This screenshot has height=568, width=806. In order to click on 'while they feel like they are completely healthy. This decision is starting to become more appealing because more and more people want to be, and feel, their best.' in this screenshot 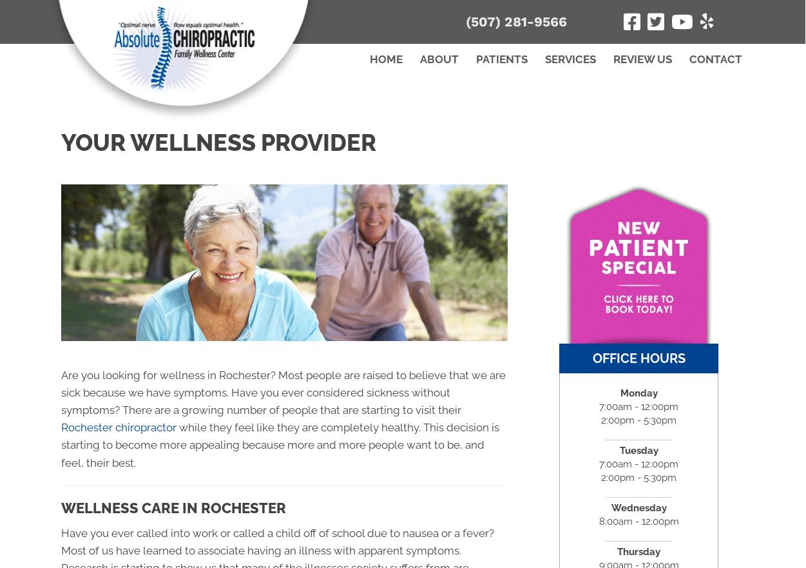, I will do `click(280, 444)`.